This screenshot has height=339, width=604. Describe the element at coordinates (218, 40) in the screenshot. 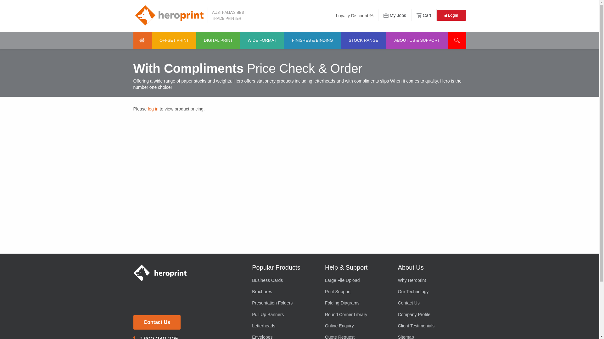

I see `'DIGITAL PRINT'` at that location.